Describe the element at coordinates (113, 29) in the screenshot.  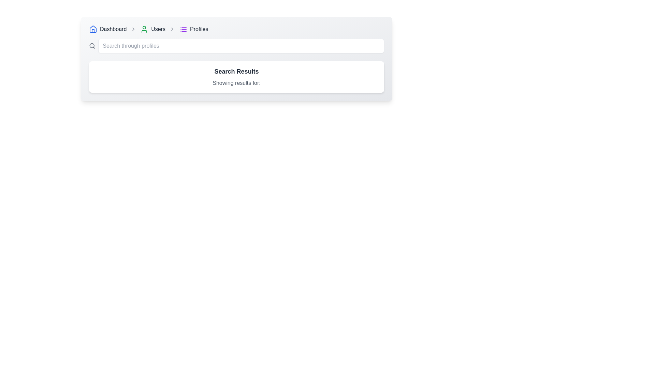
I see `the 'Dashboard' text link in the breadcrumb navigation bar` at that location.